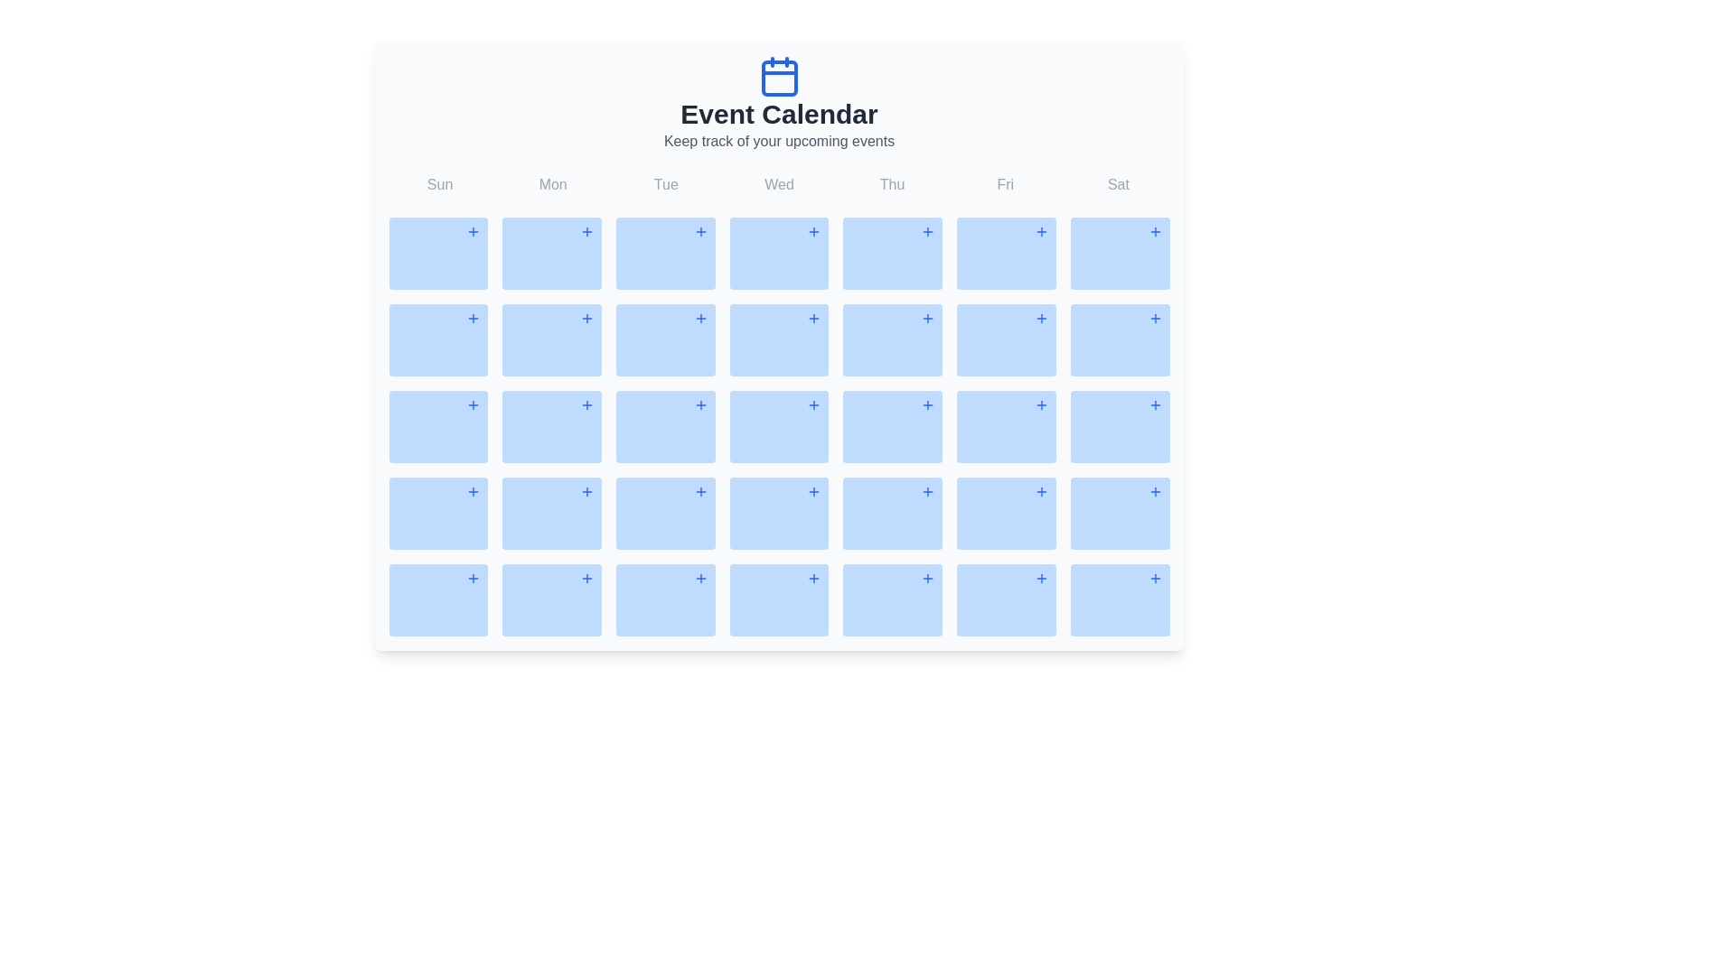  What do you see at coordinates (1004, 184) in the screenshot?
I see `the static text label reading 'Fri', which is styled with a gray text color and is the sixth day label in a calendar layout, positioned between 'Thu' and 'Sat'` at bounding box center [1004, 184].